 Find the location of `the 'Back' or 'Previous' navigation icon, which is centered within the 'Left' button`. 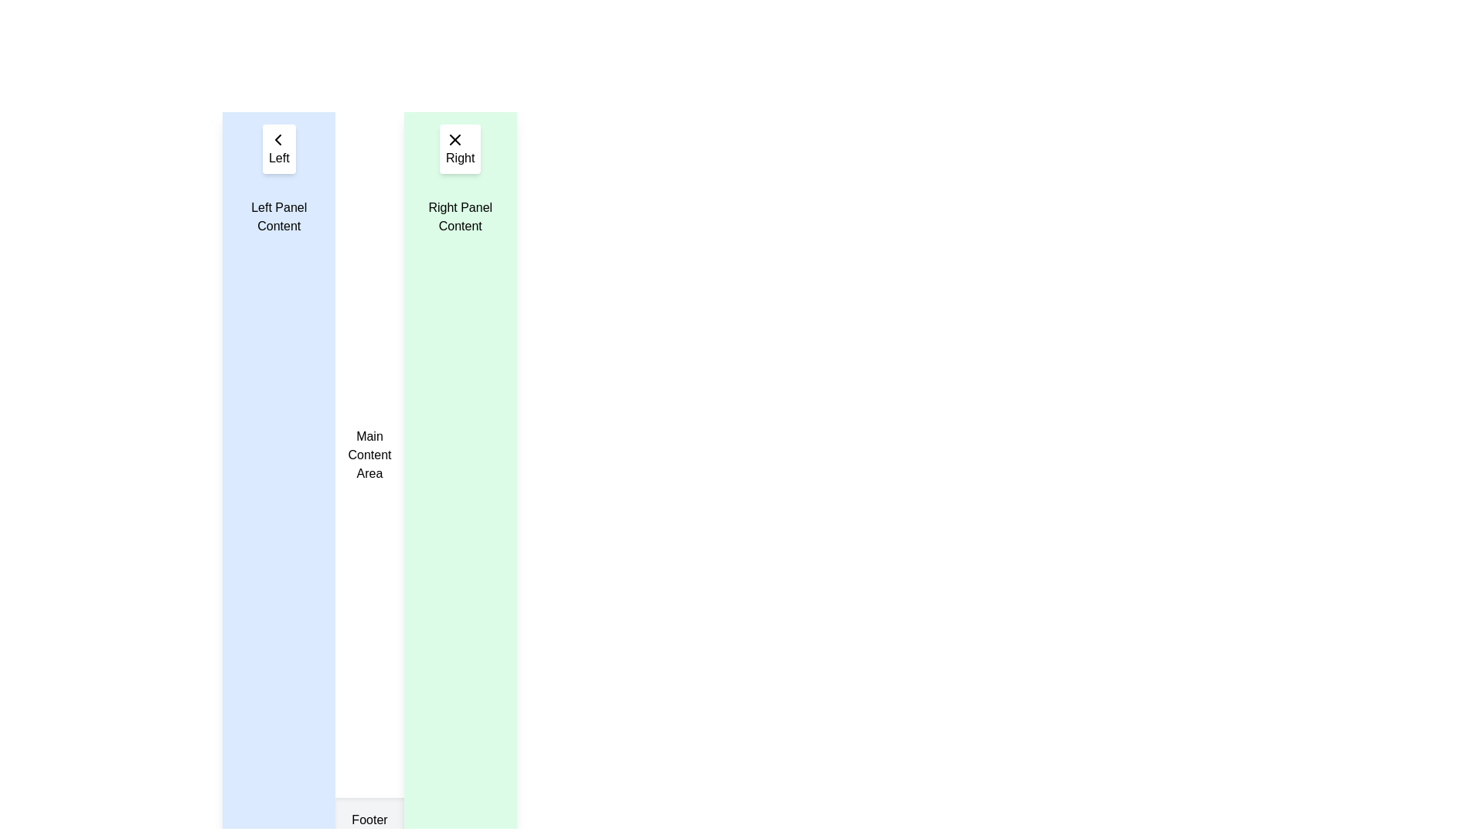

the 'Back' or 'Previous' navigation icon, which is centered within the 'Left' button is located at coordinates (277, 140).